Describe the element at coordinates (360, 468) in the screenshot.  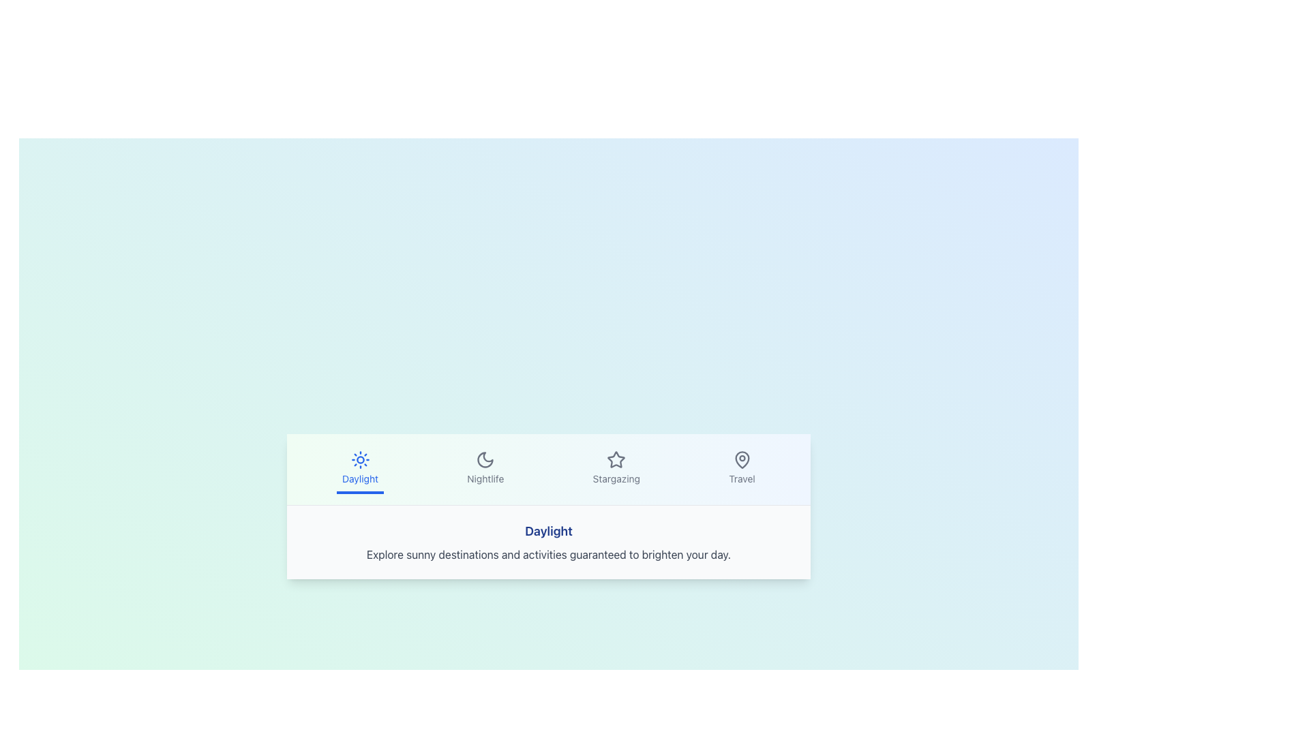
I see `the 'Daylight' tab, which features a sun icon and is located on the far left of a horizontally aligned set of four tabs` at that location.